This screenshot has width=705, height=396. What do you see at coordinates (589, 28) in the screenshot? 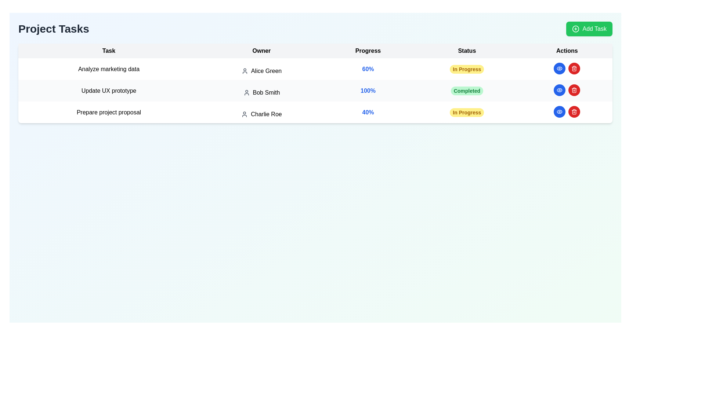
I see `the green 'Add Task' button with a white plus icon located in the top-right corner of the 'Project Tasks' section` at bounding box center [589, 28].